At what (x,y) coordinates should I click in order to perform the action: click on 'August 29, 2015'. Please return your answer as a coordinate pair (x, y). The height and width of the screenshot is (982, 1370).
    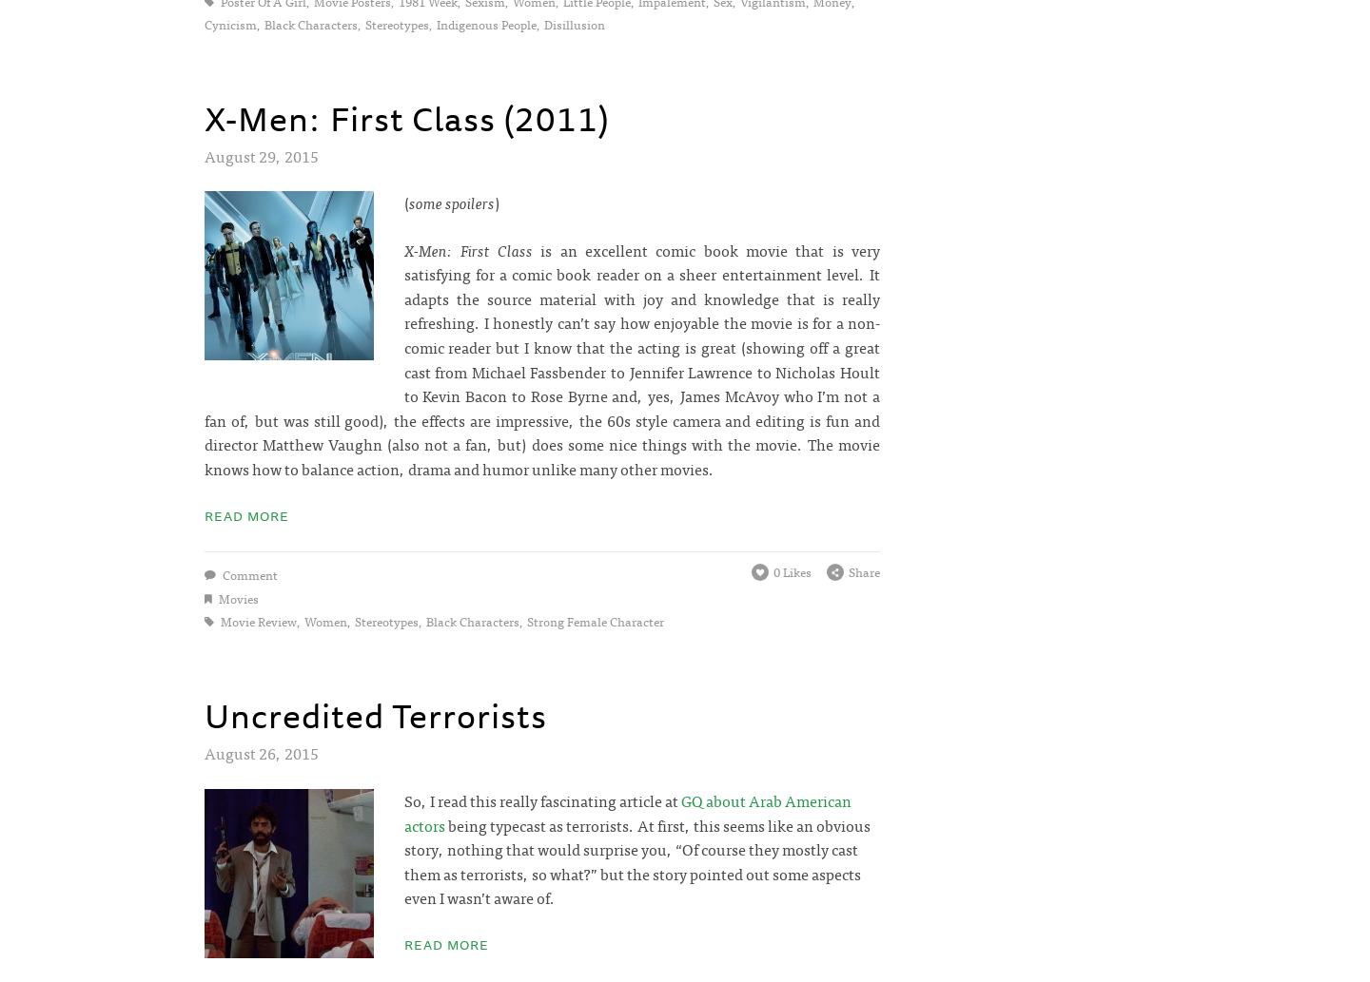
    Looking at the image, I should click on (261, 155).